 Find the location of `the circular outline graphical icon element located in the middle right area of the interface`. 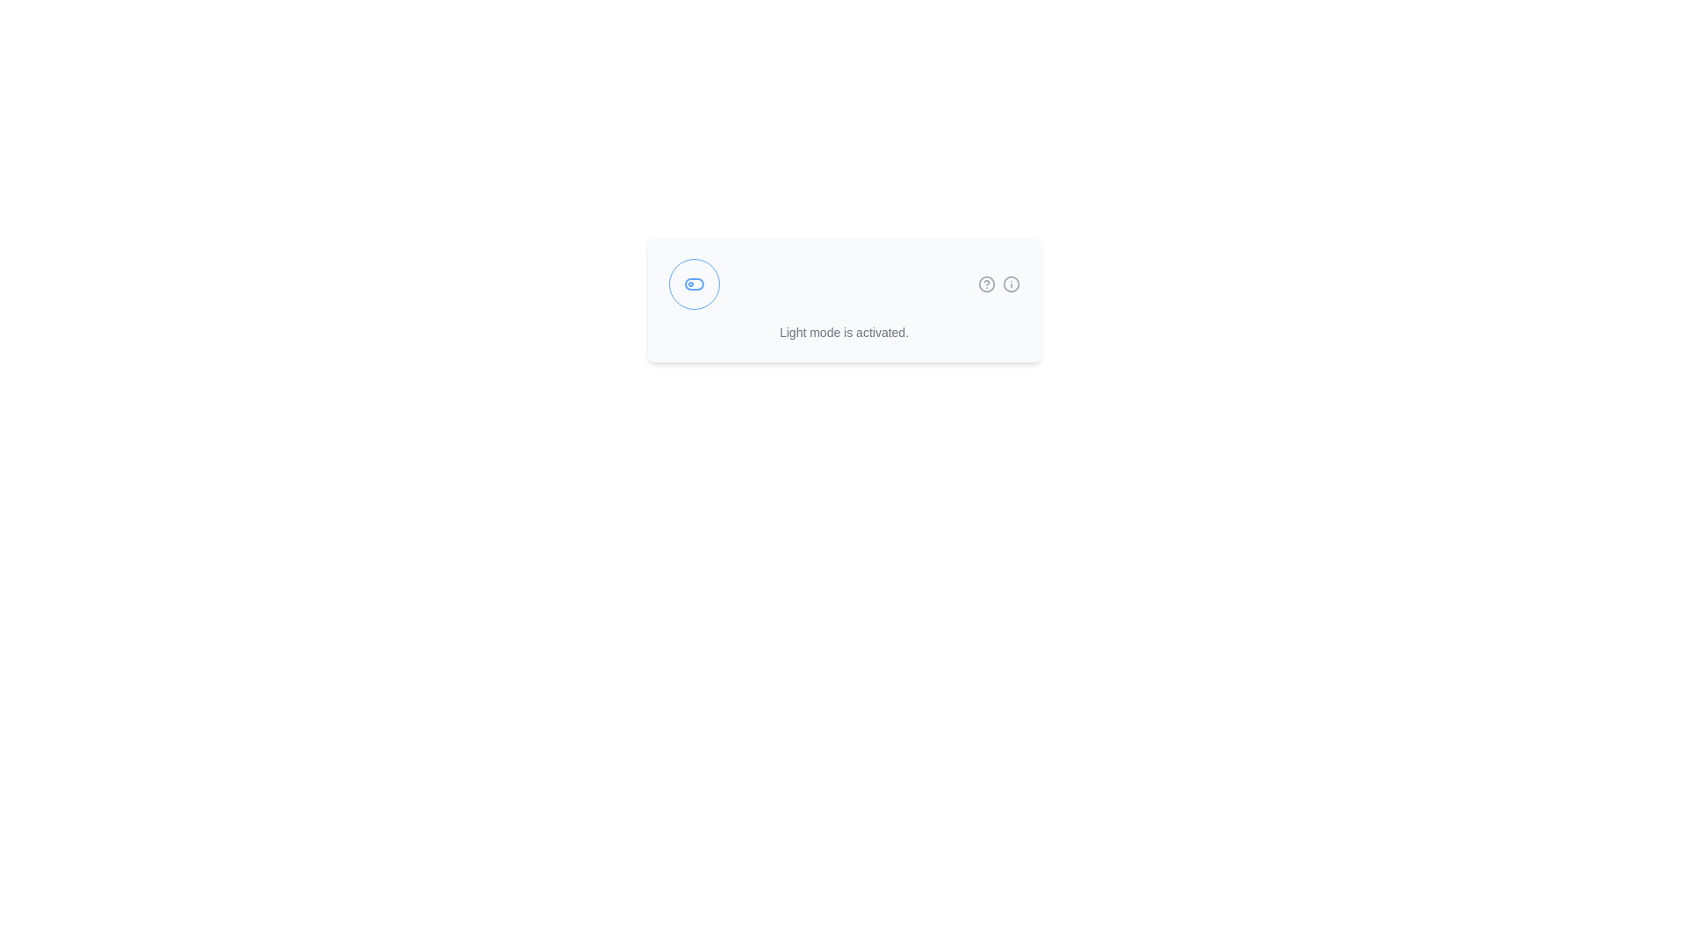

the circular outline graphical icon element located in the middle right area of the interface is located at coordinates (1011, 284).